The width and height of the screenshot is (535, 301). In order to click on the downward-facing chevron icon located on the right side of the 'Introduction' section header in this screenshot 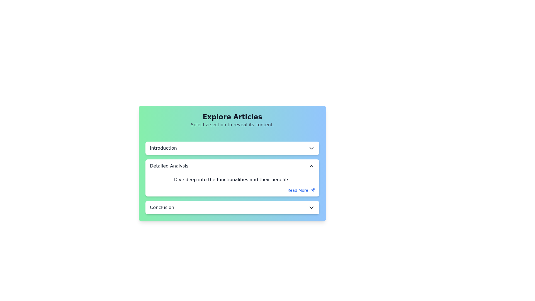, I will do `click(311, 148)`.